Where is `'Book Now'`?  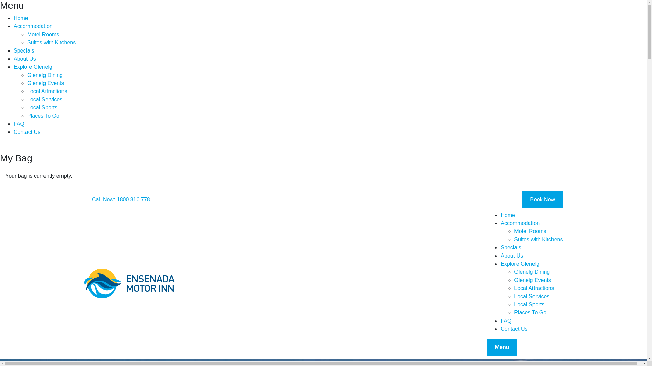 'Book Now' is located at coordinates (542, 199).